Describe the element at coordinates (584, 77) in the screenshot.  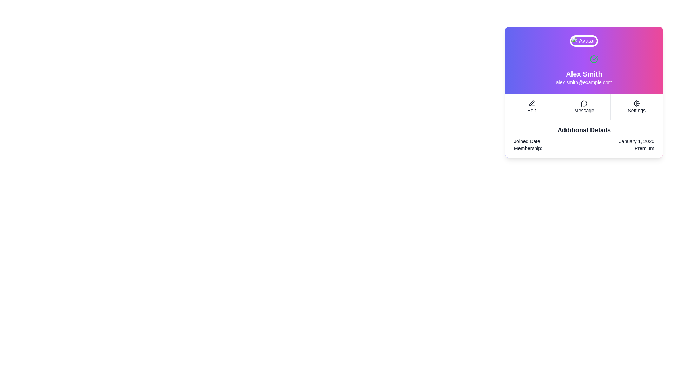
I see `the text display showing the user's name 'Alex Smith' and email 'alex.smith@example.com' which is centrally aligned within a card-like interface` at that location.